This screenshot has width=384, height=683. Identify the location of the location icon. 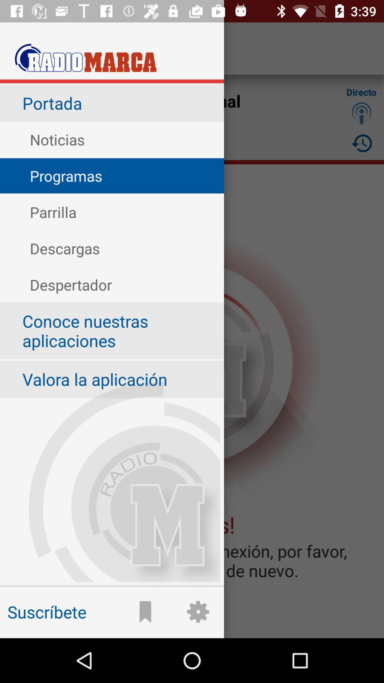
(362, 113).